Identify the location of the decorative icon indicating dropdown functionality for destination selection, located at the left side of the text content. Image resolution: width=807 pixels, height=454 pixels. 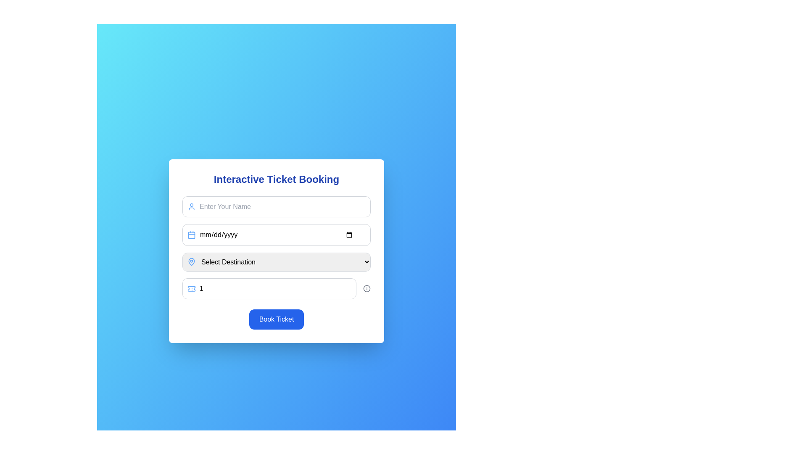
(191, 261).